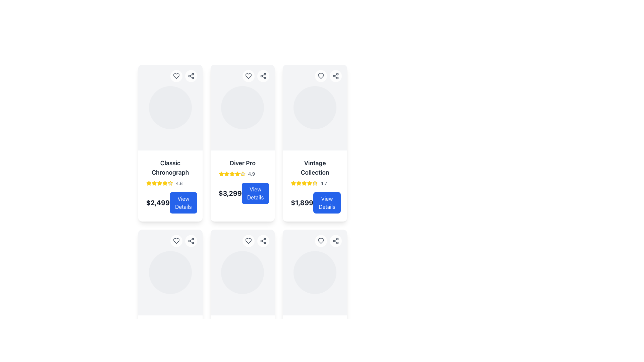  I want to click on the small circular button with a heart icon in the top-right corner of the card, so click(176, 240).